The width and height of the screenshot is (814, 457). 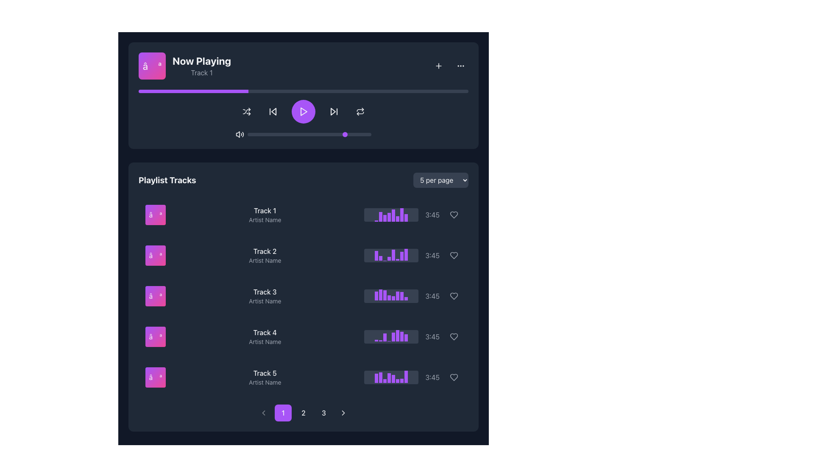 I want to click on the fifth circular button with a two-arrow loop icon, located in the horizontal toolbar below the 'Now Playing' title, so click(x=360, y=111).